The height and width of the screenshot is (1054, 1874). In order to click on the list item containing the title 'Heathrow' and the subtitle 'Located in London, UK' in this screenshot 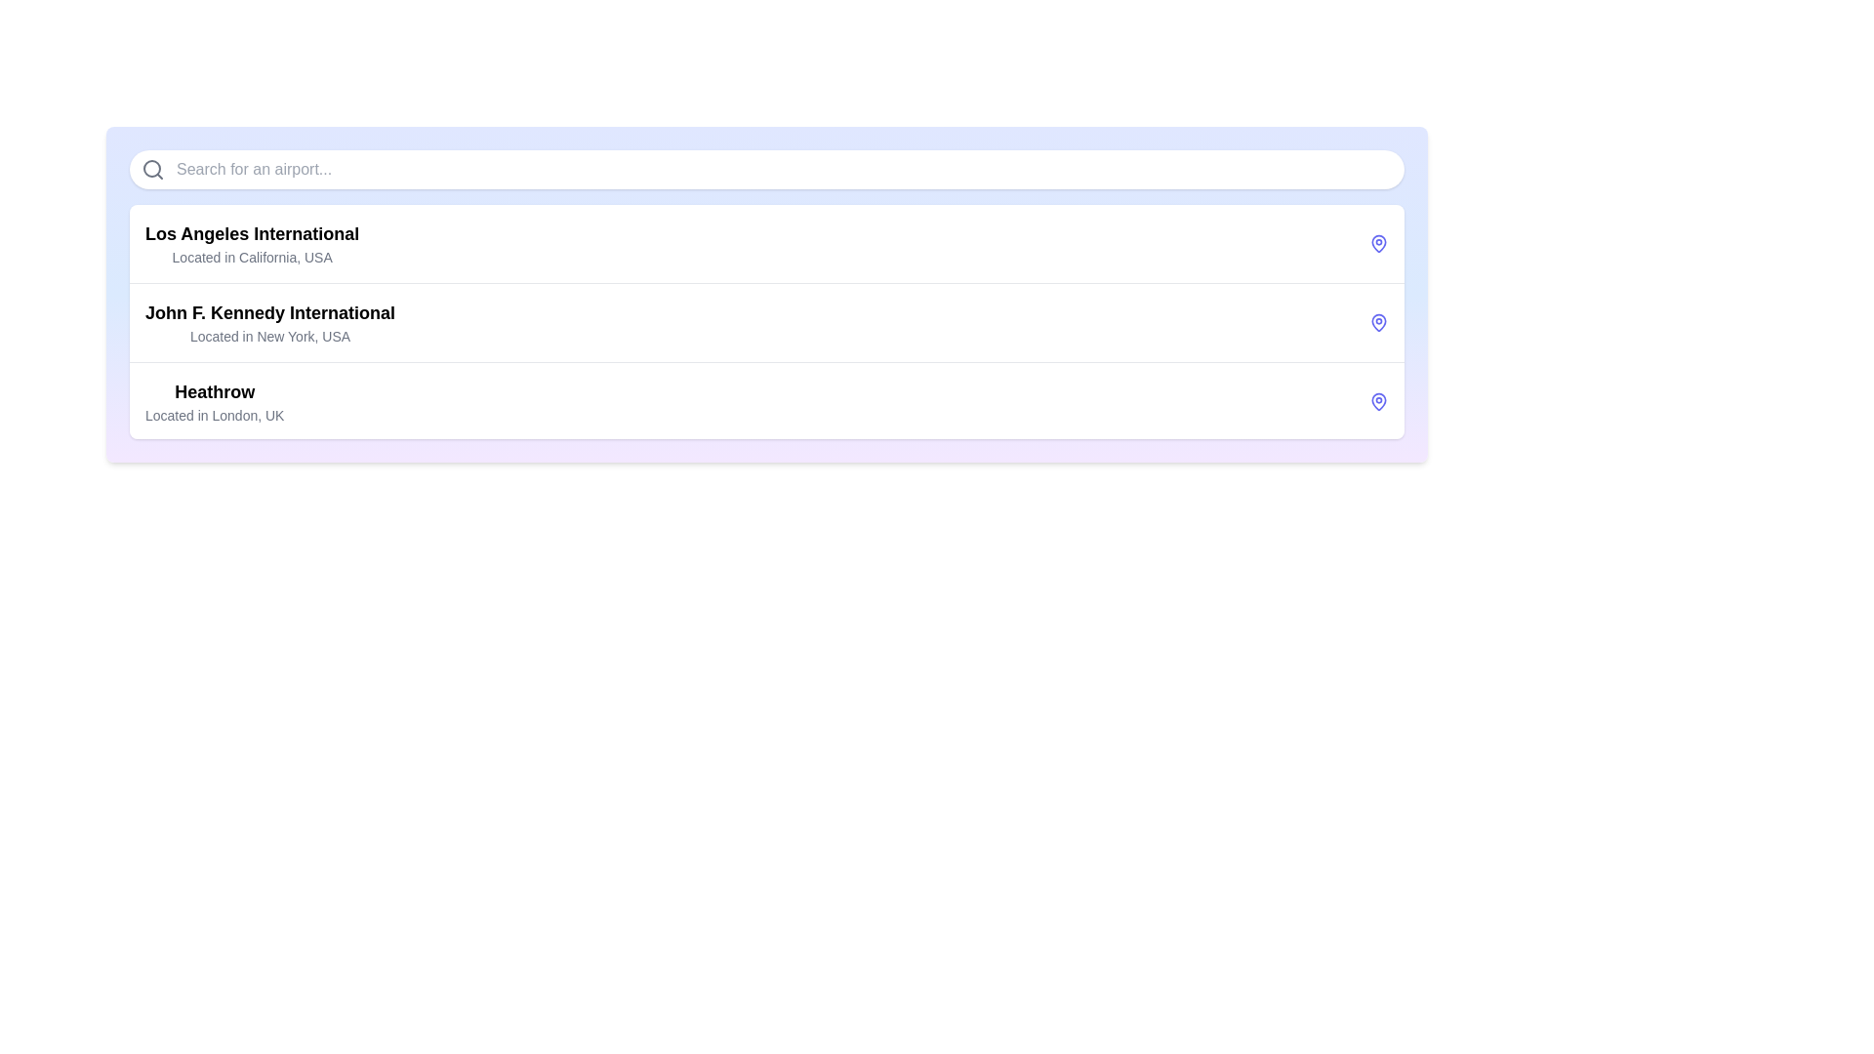, I will do `click(766, 400)`.